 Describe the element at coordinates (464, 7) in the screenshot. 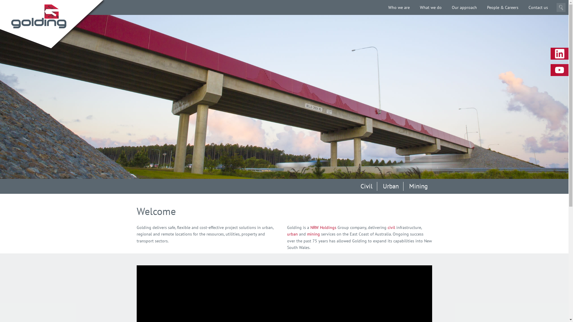

I see `'Our approach'` at that location.